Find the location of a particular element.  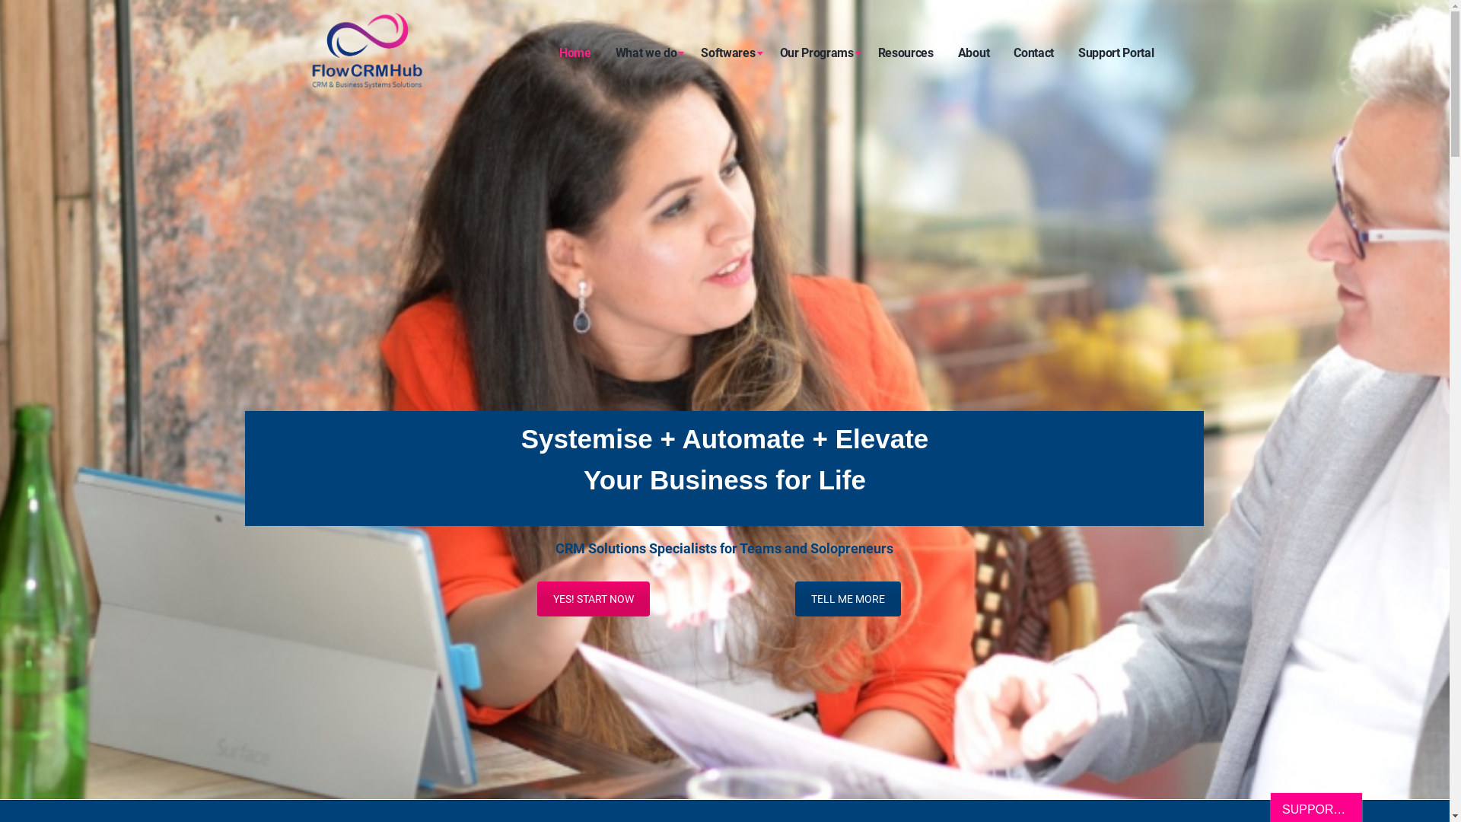

'Support Portal' is located at coordinates (1116, 52).